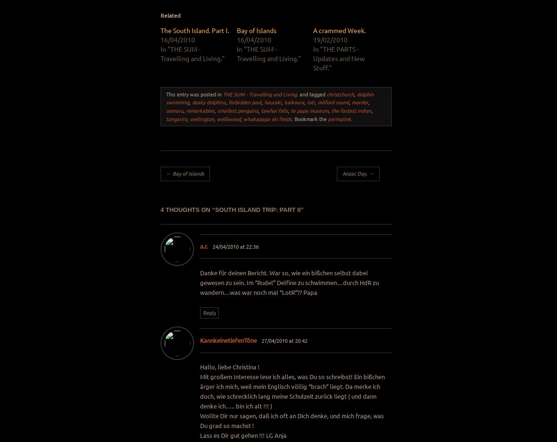 The width and height of the screenshot is (557, 442). What do you see at coordinates (229, 367) in the screenshot?
I see `'Hallo, liebe Christina !'` at bounding box center [229, 367].